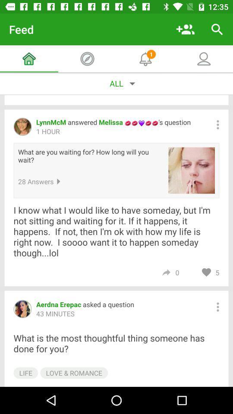 This screenshot has height=414, width=233. I want to click on the icon next to the what are you, so click(192, 170).